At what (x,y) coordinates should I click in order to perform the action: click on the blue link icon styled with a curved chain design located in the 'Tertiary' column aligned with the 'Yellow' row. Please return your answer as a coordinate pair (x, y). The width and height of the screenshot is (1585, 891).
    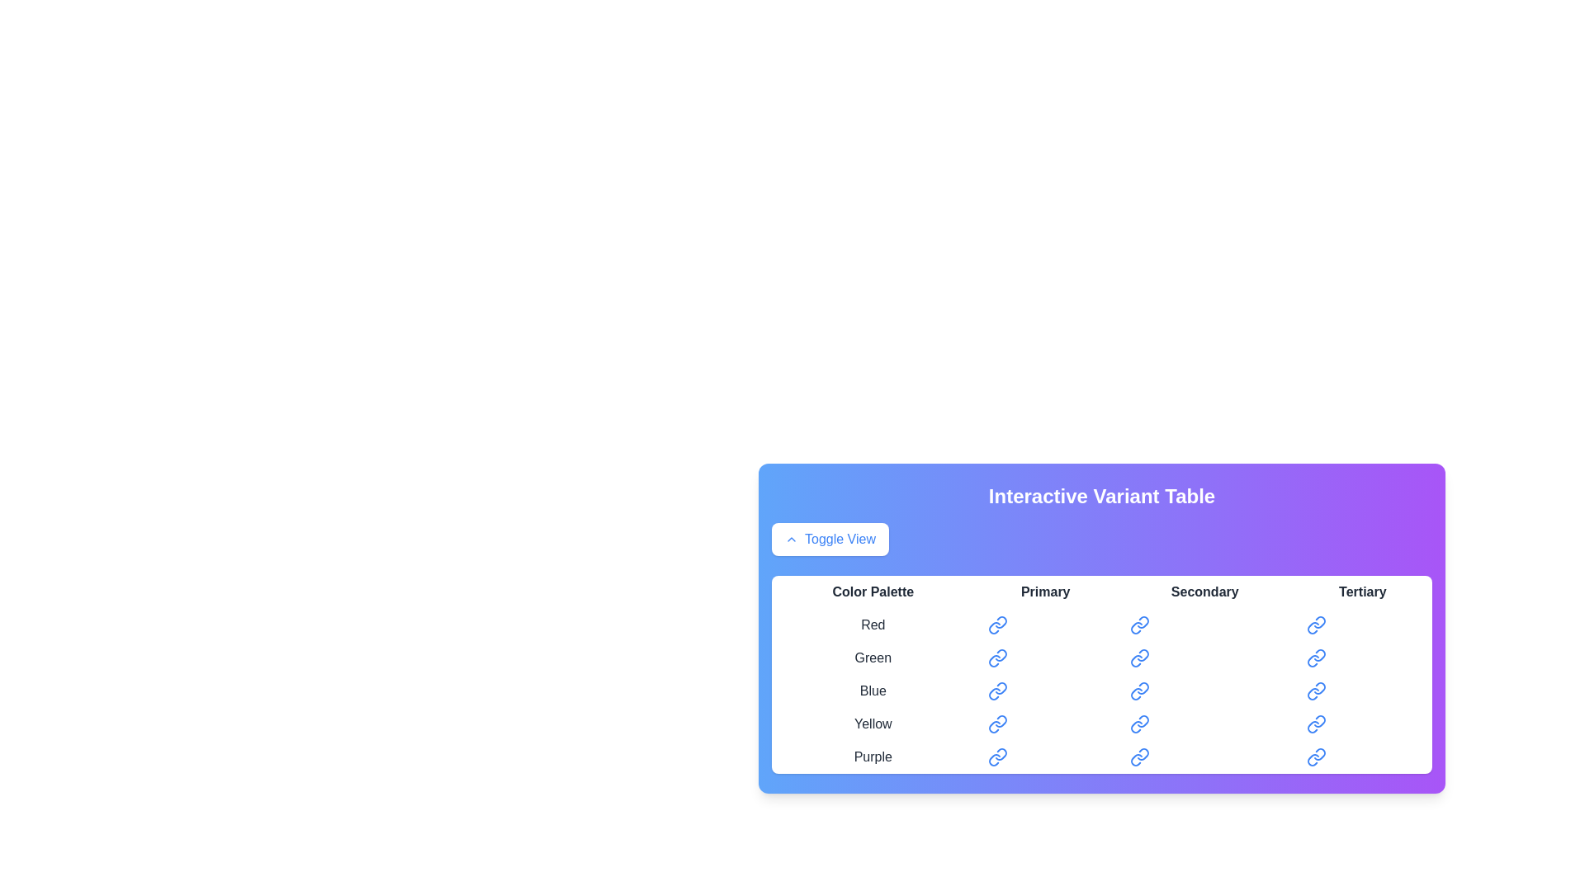
    Looking at the image, I should click on (1315, 724).